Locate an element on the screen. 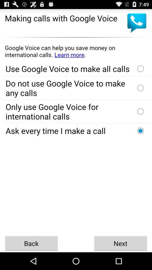 The height and width of the screenshot is (270, 152). option button is located at coordinates (140, 111).